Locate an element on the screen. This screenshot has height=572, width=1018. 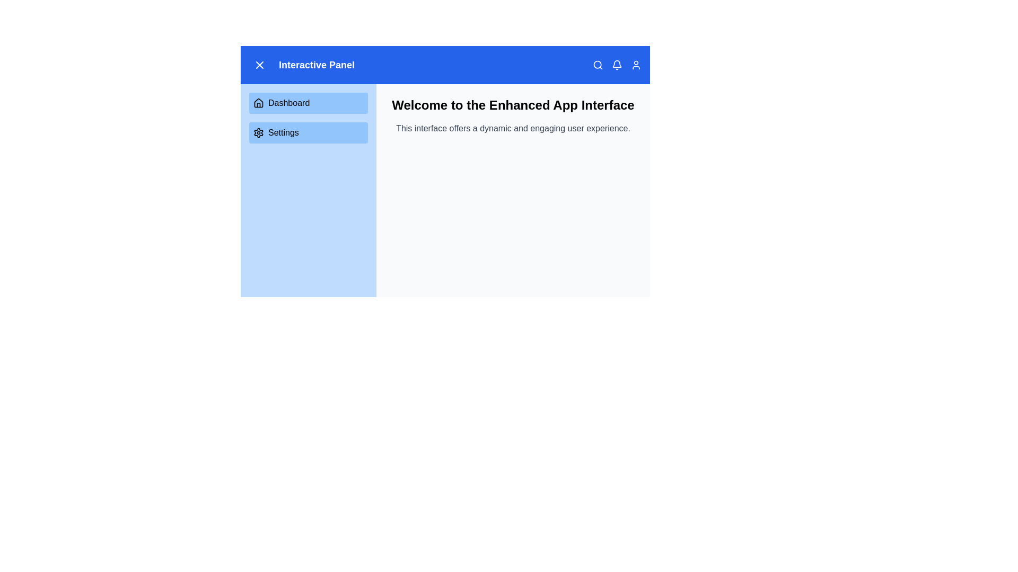
the 'Dashboard' text label located is located at coordinates (289, 103).